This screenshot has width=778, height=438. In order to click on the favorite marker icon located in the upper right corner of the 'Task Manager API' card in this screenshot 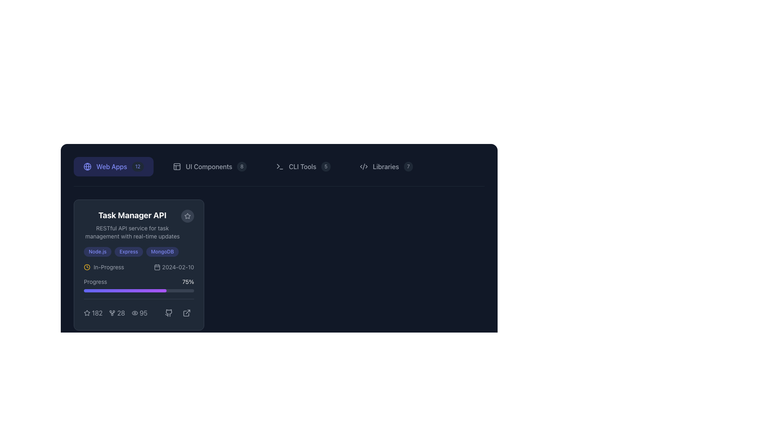, I will do `click(87, 312)`.